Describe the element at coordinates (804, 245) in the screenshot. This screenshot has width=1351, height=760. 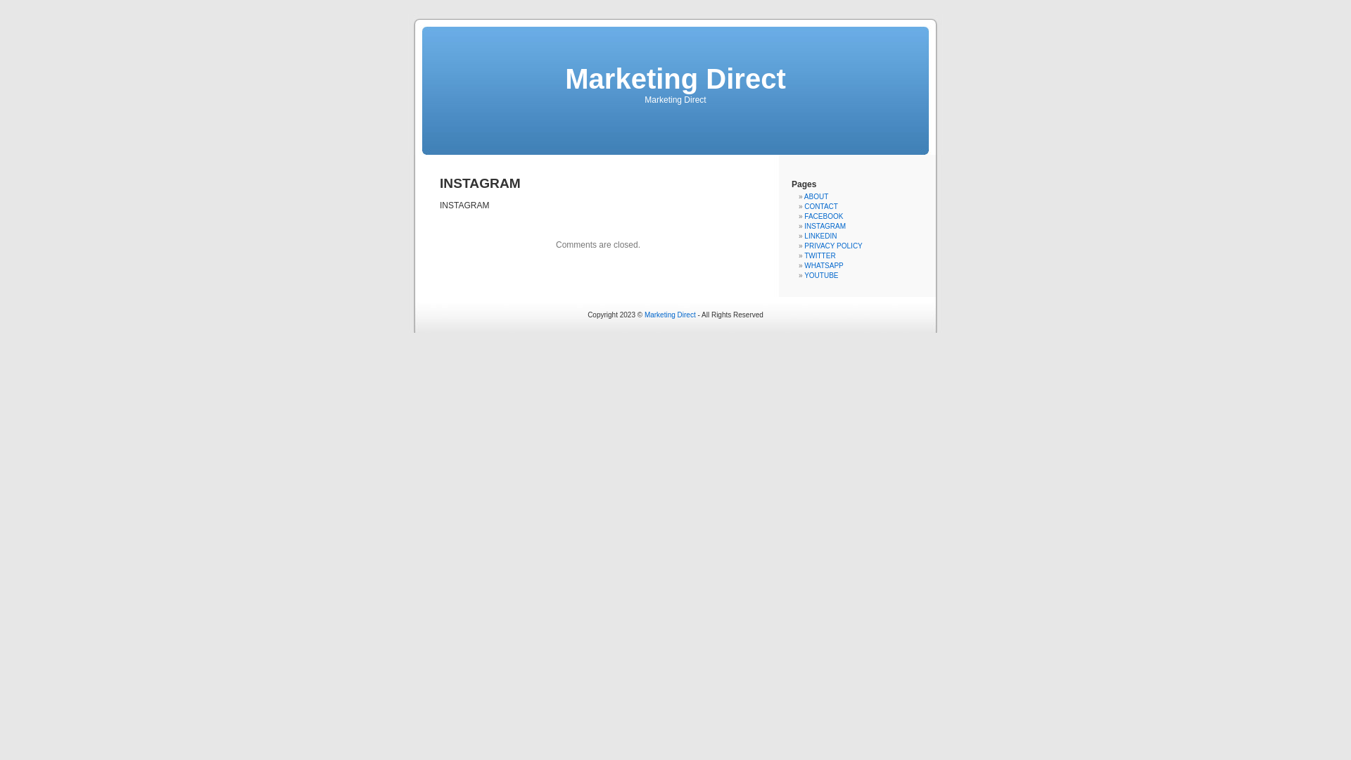
I see `'PRIVACY POLICY'` at that location.